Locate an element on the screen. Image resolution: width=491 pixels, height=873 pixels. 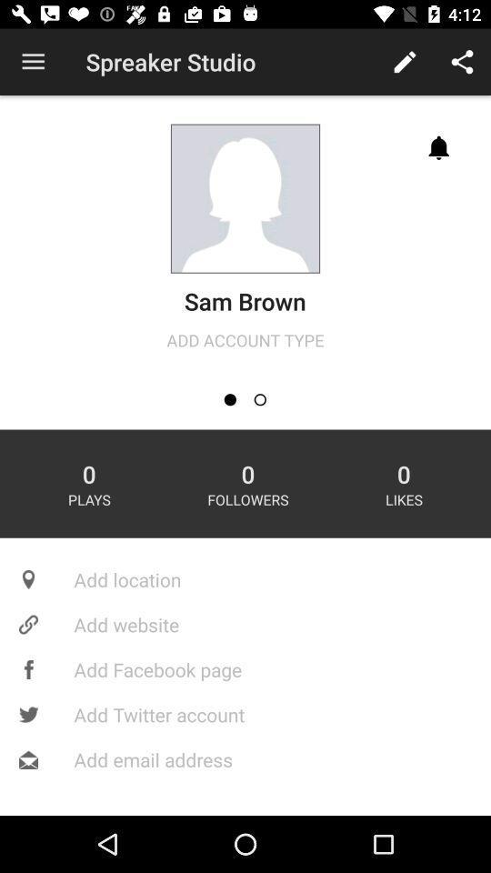
the add website icon is located at coordinates (245, 624).